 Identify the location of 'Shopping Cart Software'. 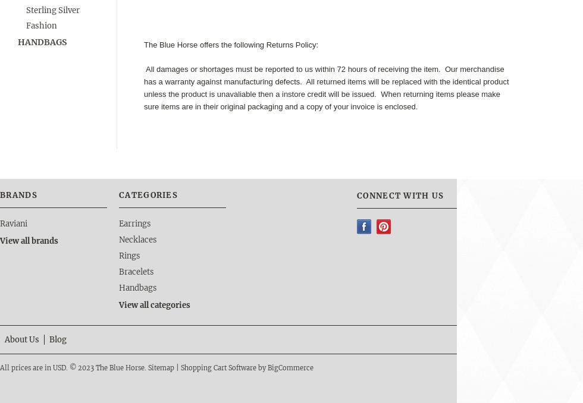
(218, 366).